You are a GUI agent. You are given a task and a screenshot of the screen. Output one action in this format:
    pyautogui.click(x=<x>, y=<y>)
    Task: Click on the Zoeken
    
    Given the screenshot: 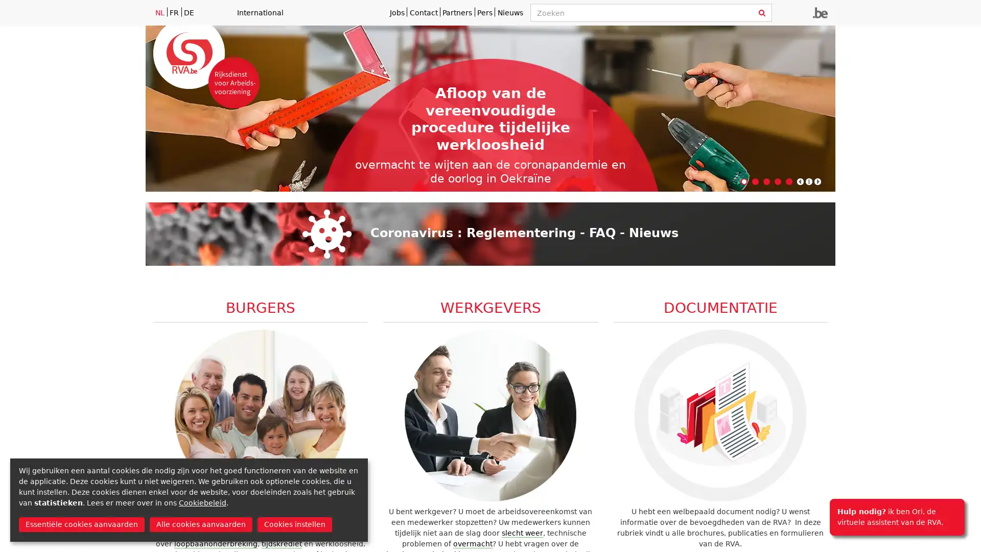 What is the action you would take?
    pyautogui.click(x=762, y=12)
    